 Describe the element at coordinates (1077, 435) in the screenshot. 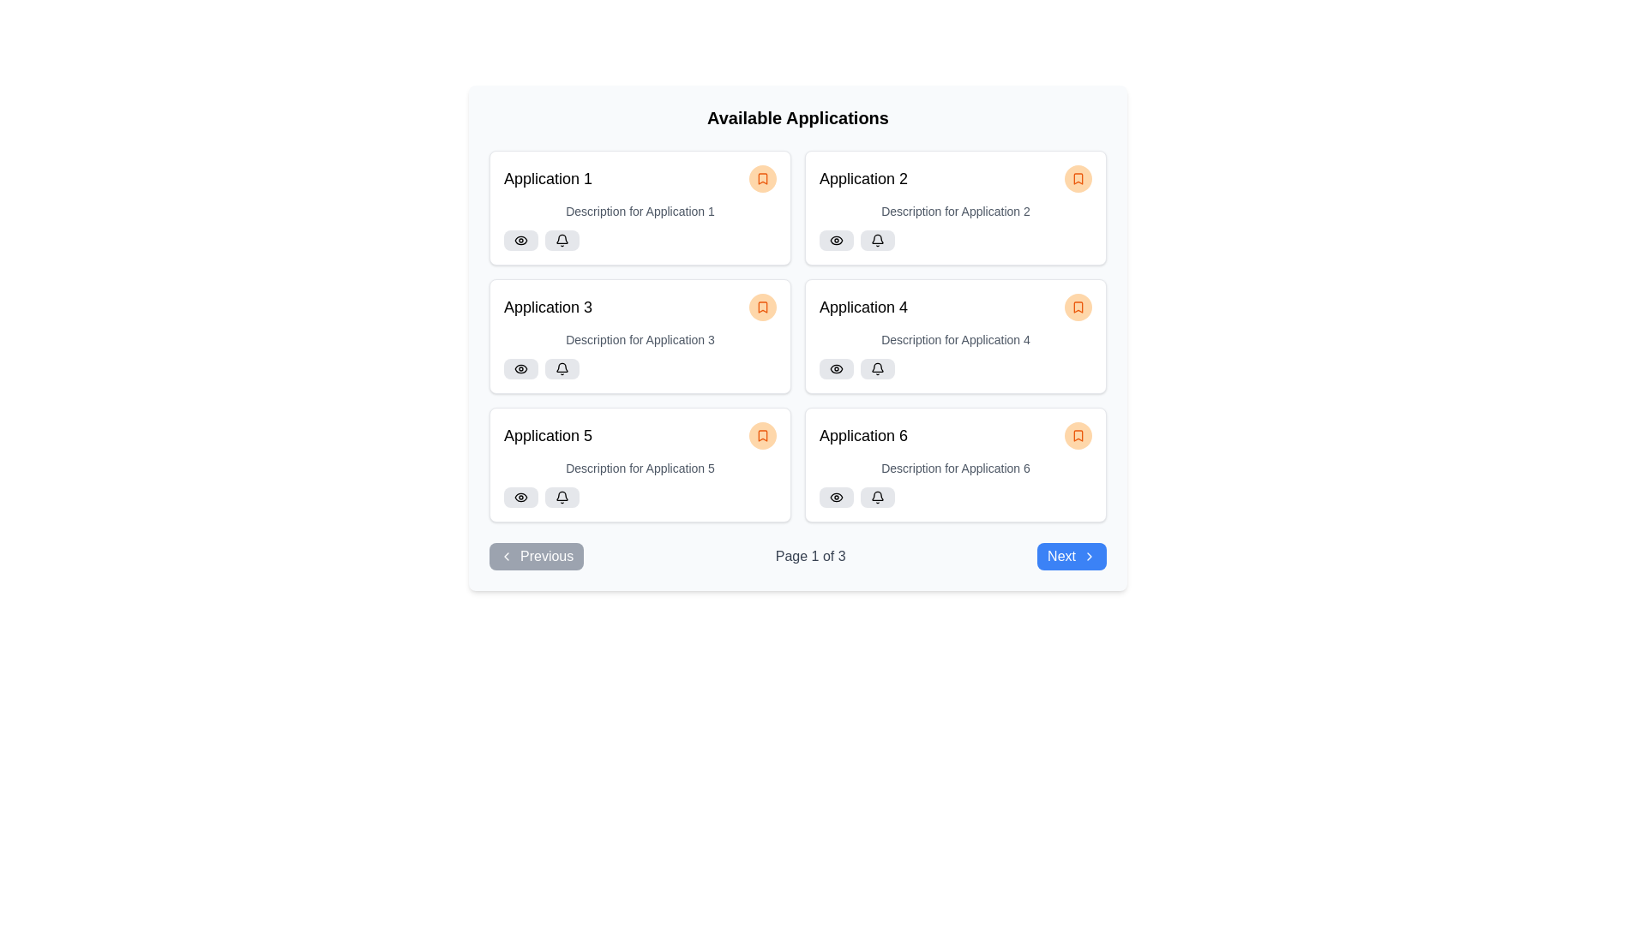

I see `the circular button with an orange background and a bookmark icon located in the bottom-right corner of the card labeled 'Application 6' to bookmark the application` at that location.